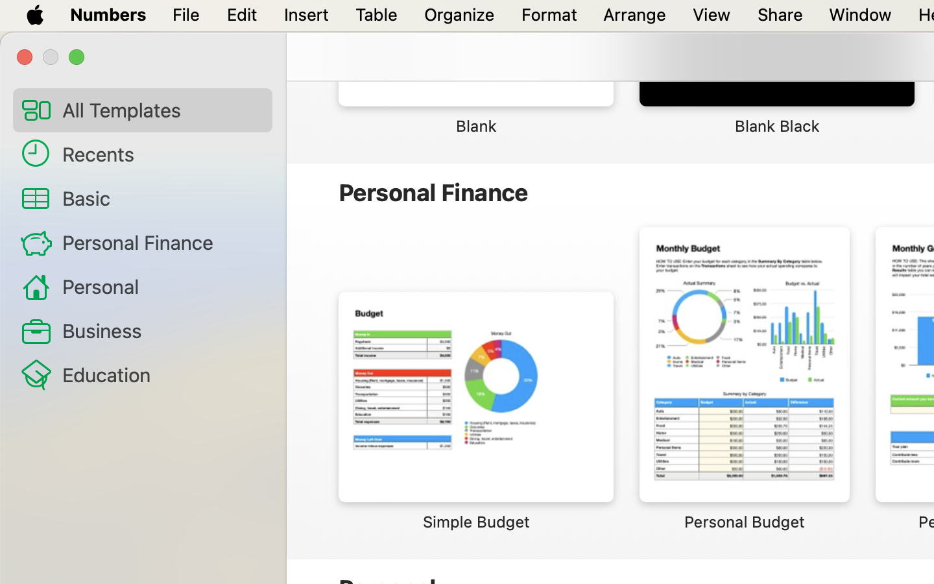 The width and height of the screenshot is (934, 584). I want to click on 'Personal Finance', so click(161, 241).